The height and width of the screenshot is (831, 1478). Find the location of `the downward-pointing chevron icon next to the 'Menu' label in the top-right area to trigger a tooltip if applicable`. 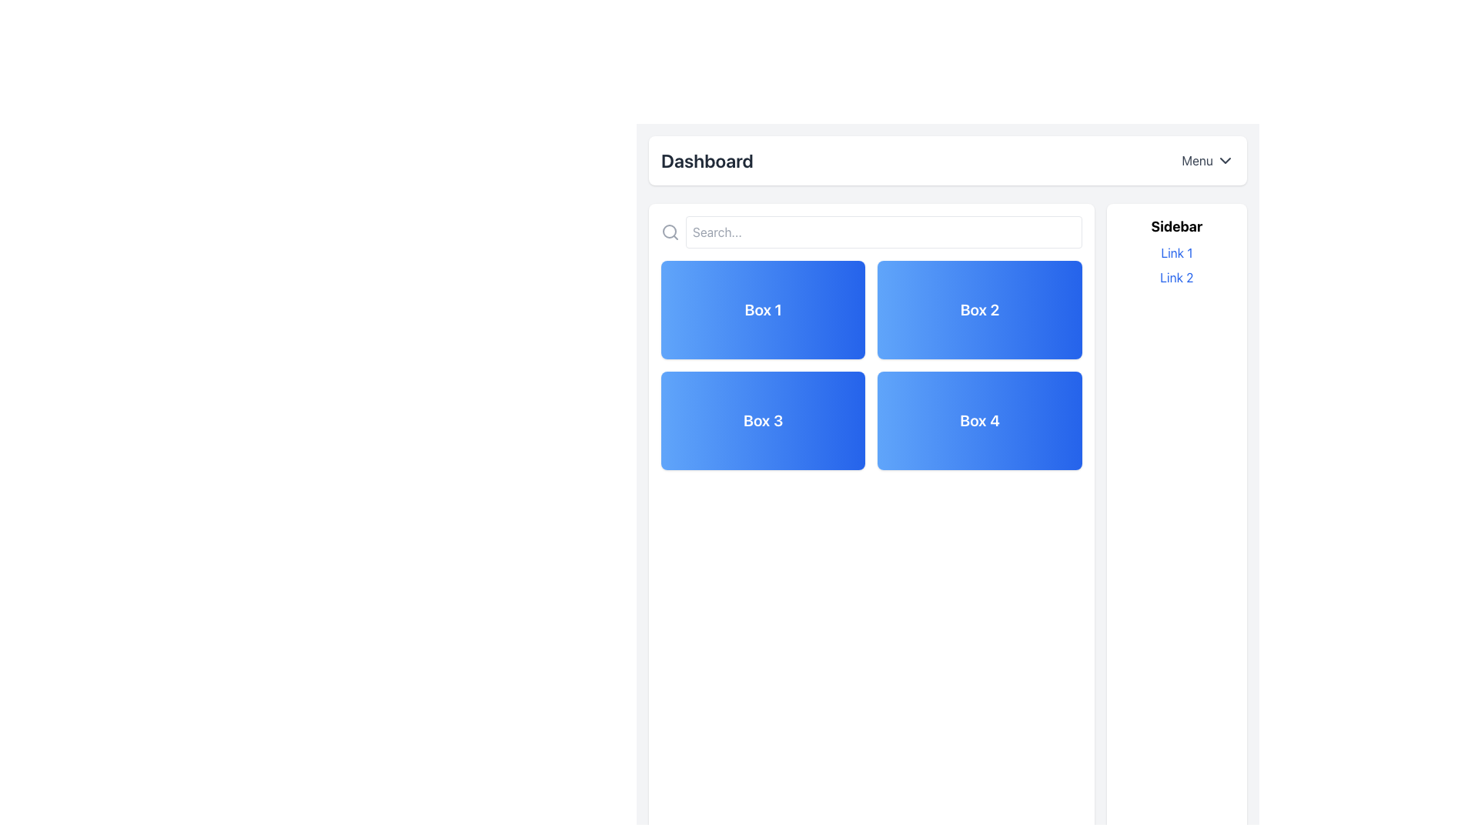

the downward-pointing chevron icon next to the 'Menu' label in the top-right area to trigger a tooltip if applicable is located at coordinates (1225, 160).